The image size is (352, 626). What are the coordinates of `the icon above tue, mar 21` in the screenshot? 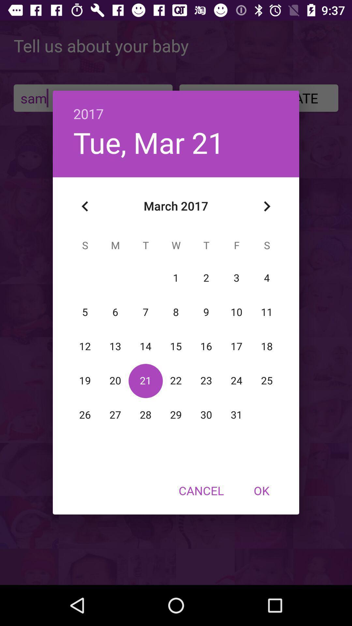 It's located at (176, 107).